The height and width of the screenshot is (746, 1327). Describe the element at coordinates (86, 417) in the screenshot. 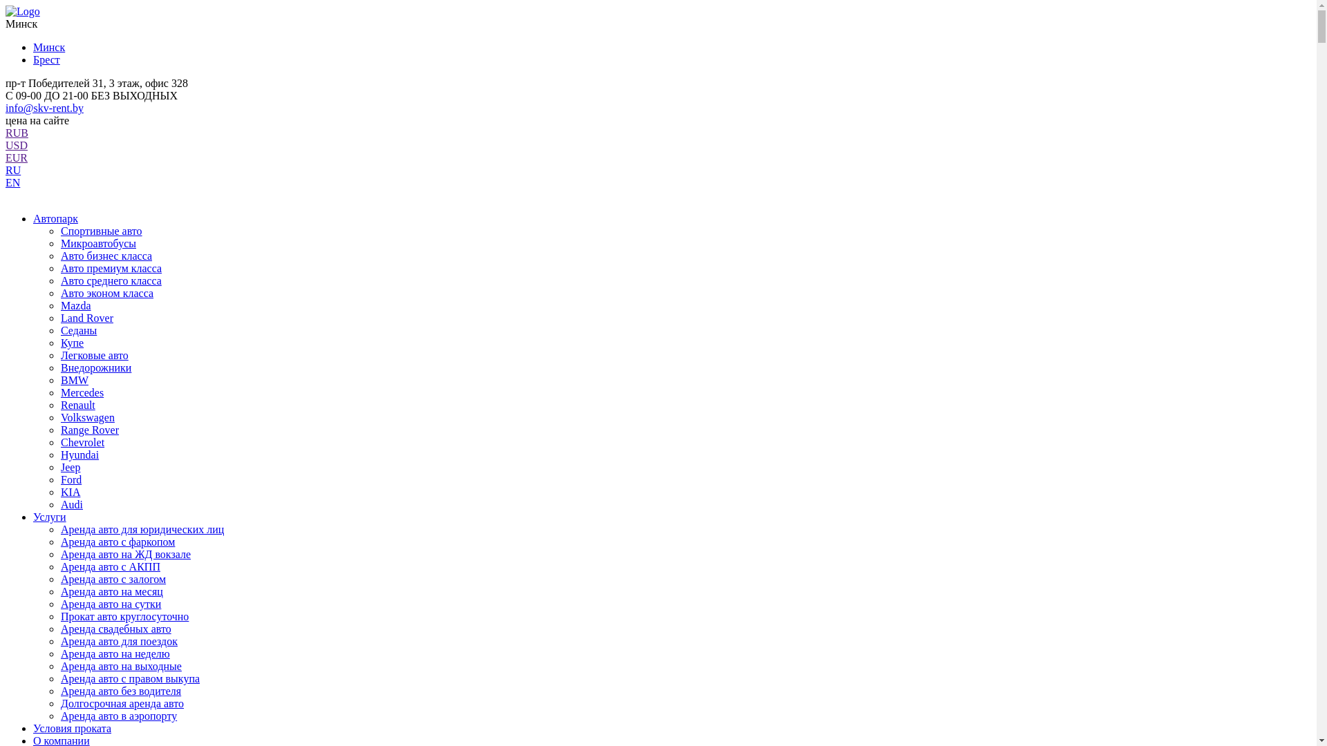

I see `'Volkswagen'` at that location.